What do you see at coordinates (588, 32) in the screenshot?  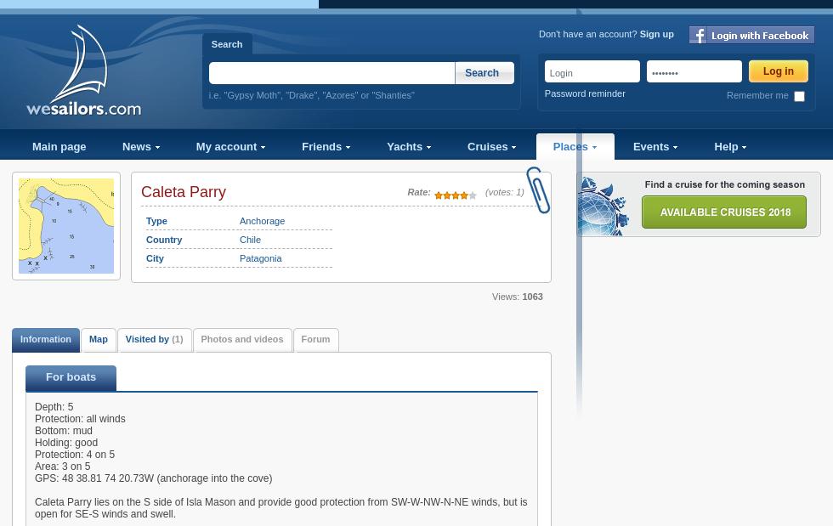 I see `'Don't have an account?'` at bounding box center [588, 32].